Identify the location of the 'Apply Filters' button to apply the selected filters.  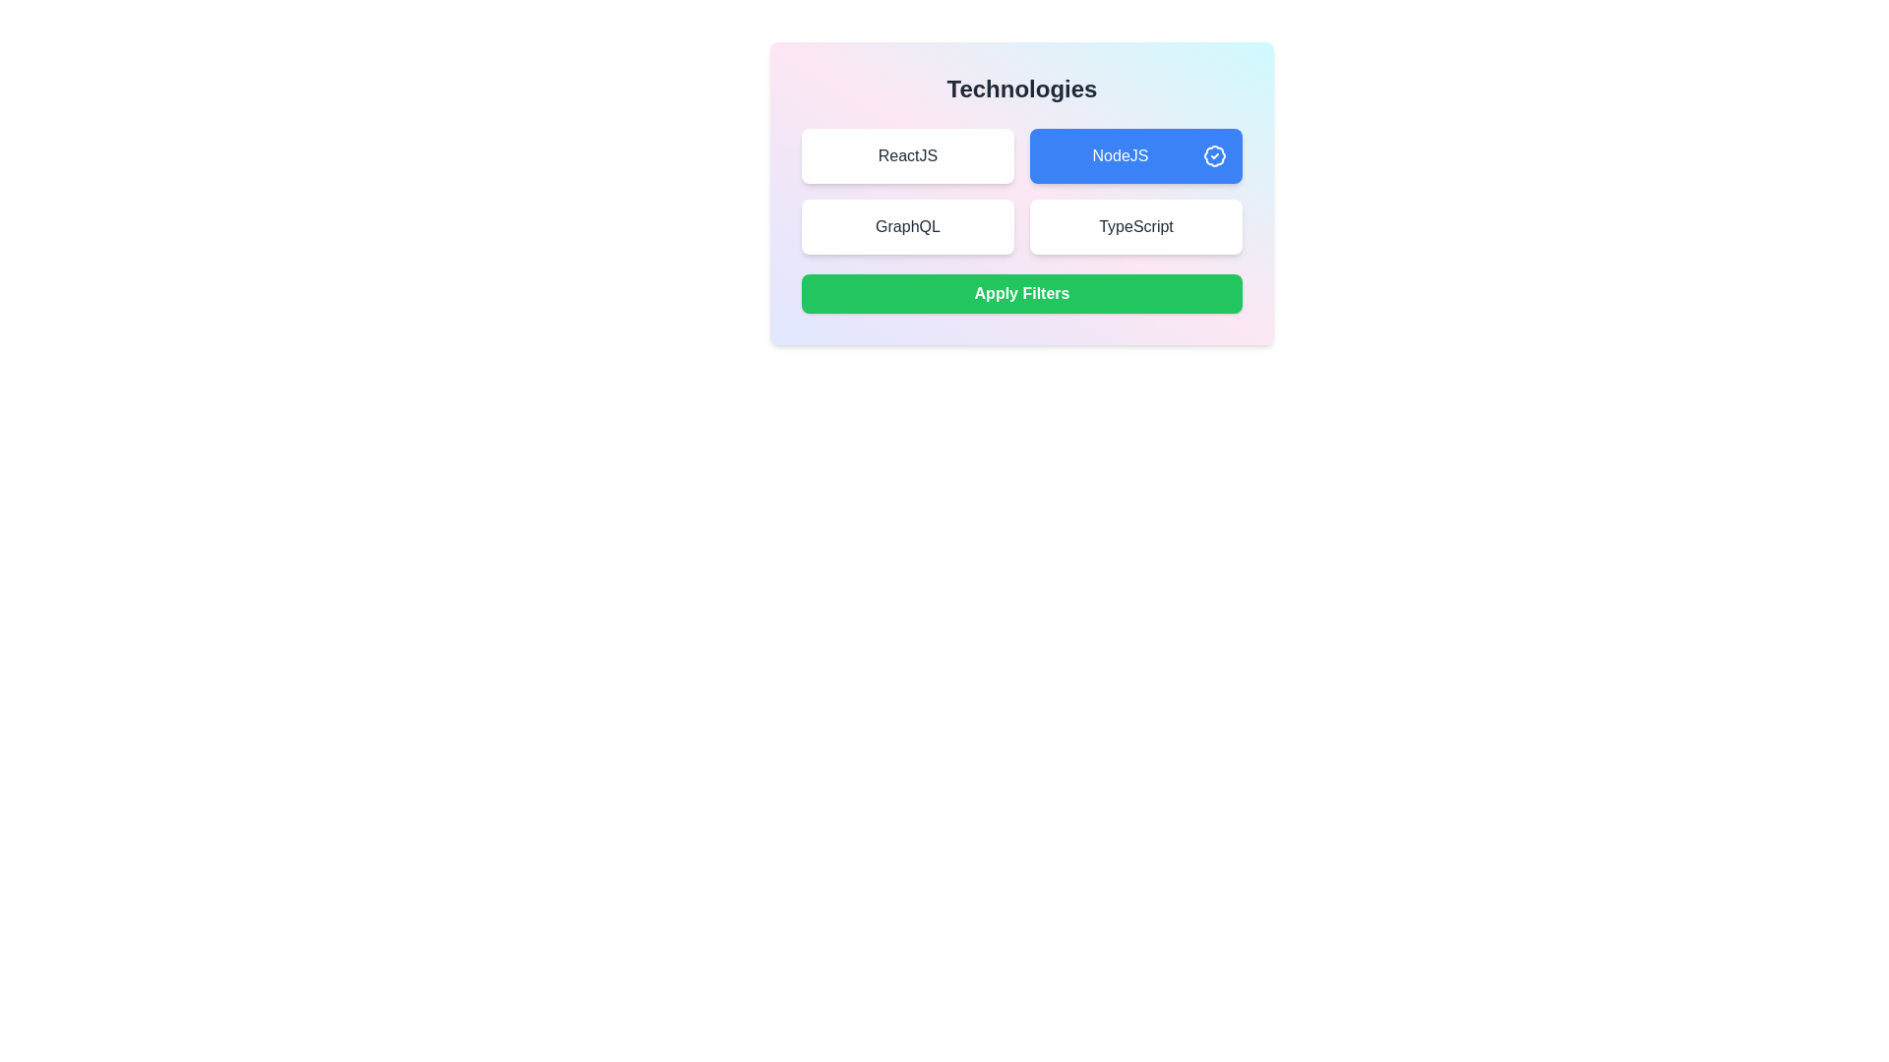
(1021, 294).